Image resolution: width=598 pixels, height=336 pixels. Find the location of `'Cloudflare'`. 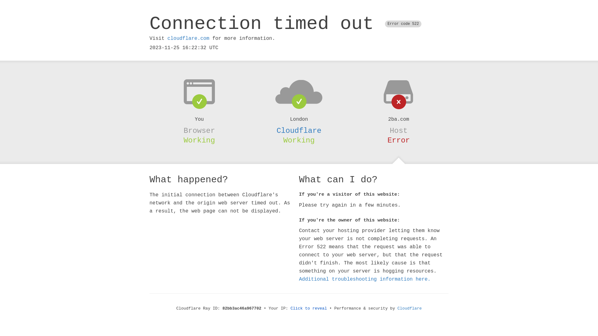

'Cloudflare' is located at coordinates (299, 130).